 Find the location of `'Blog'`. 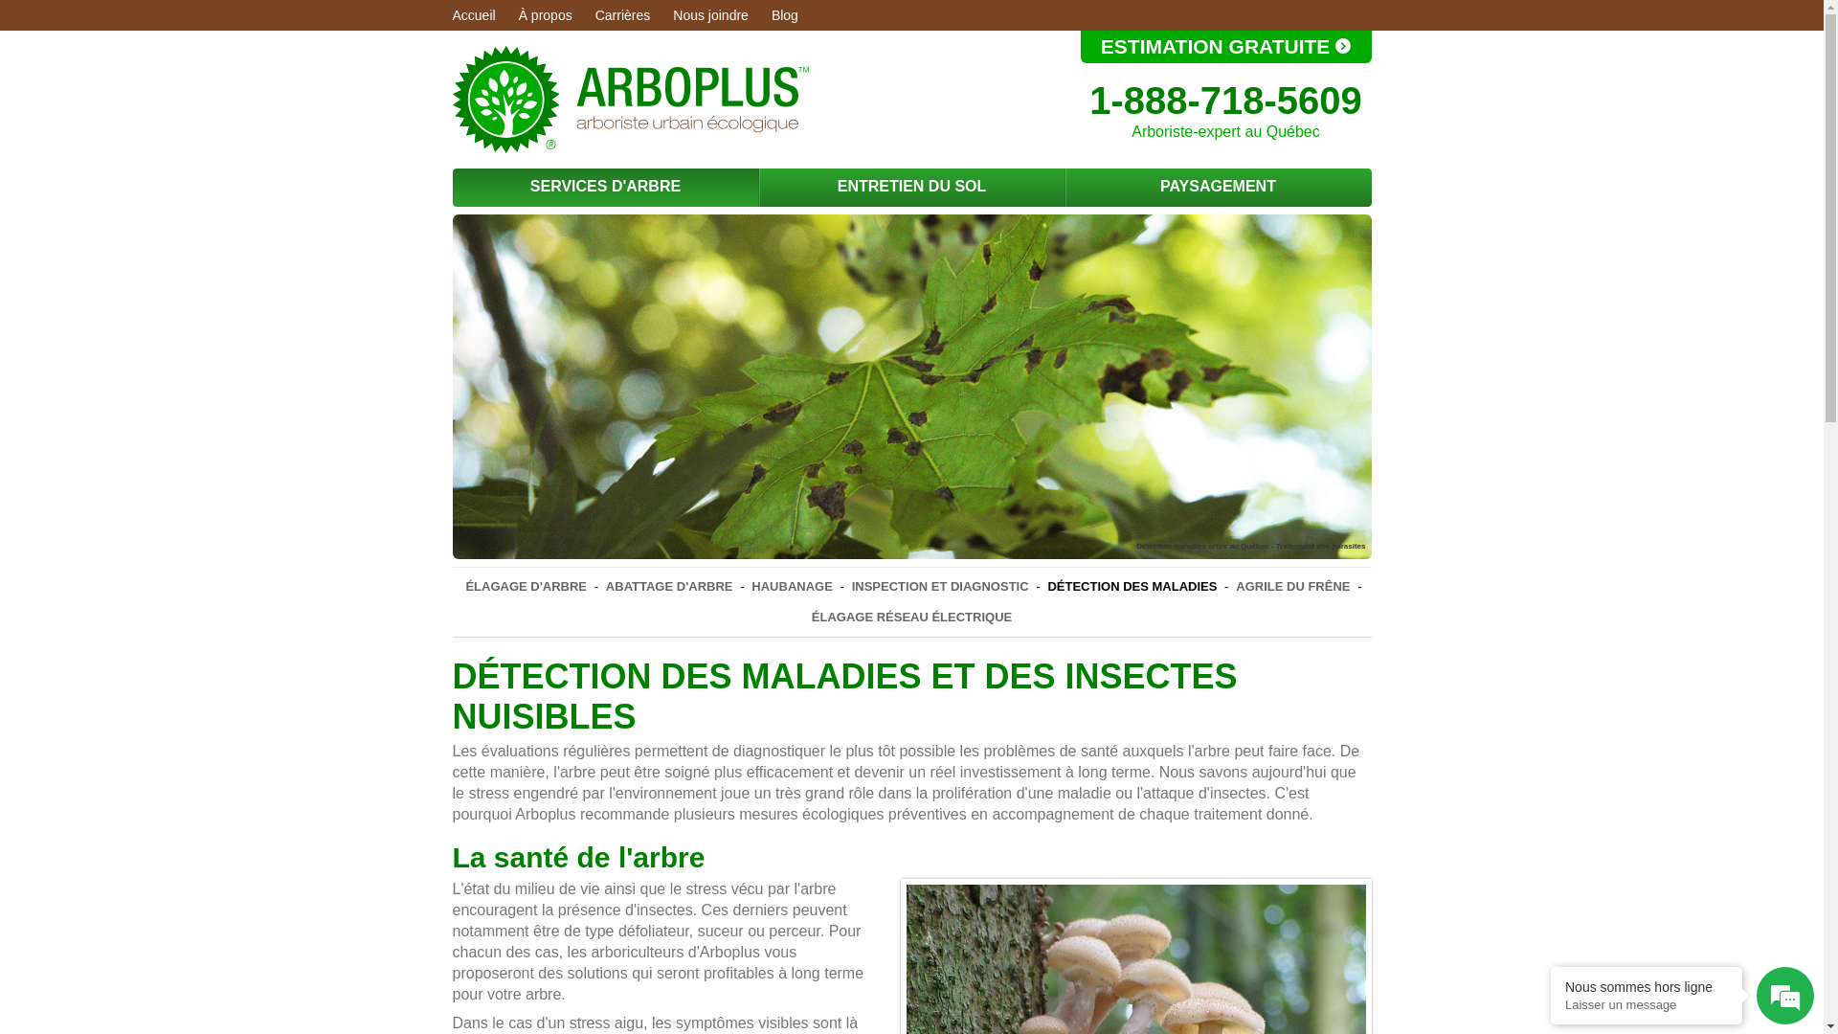

'Blog' is located at coordinates (785, 14).